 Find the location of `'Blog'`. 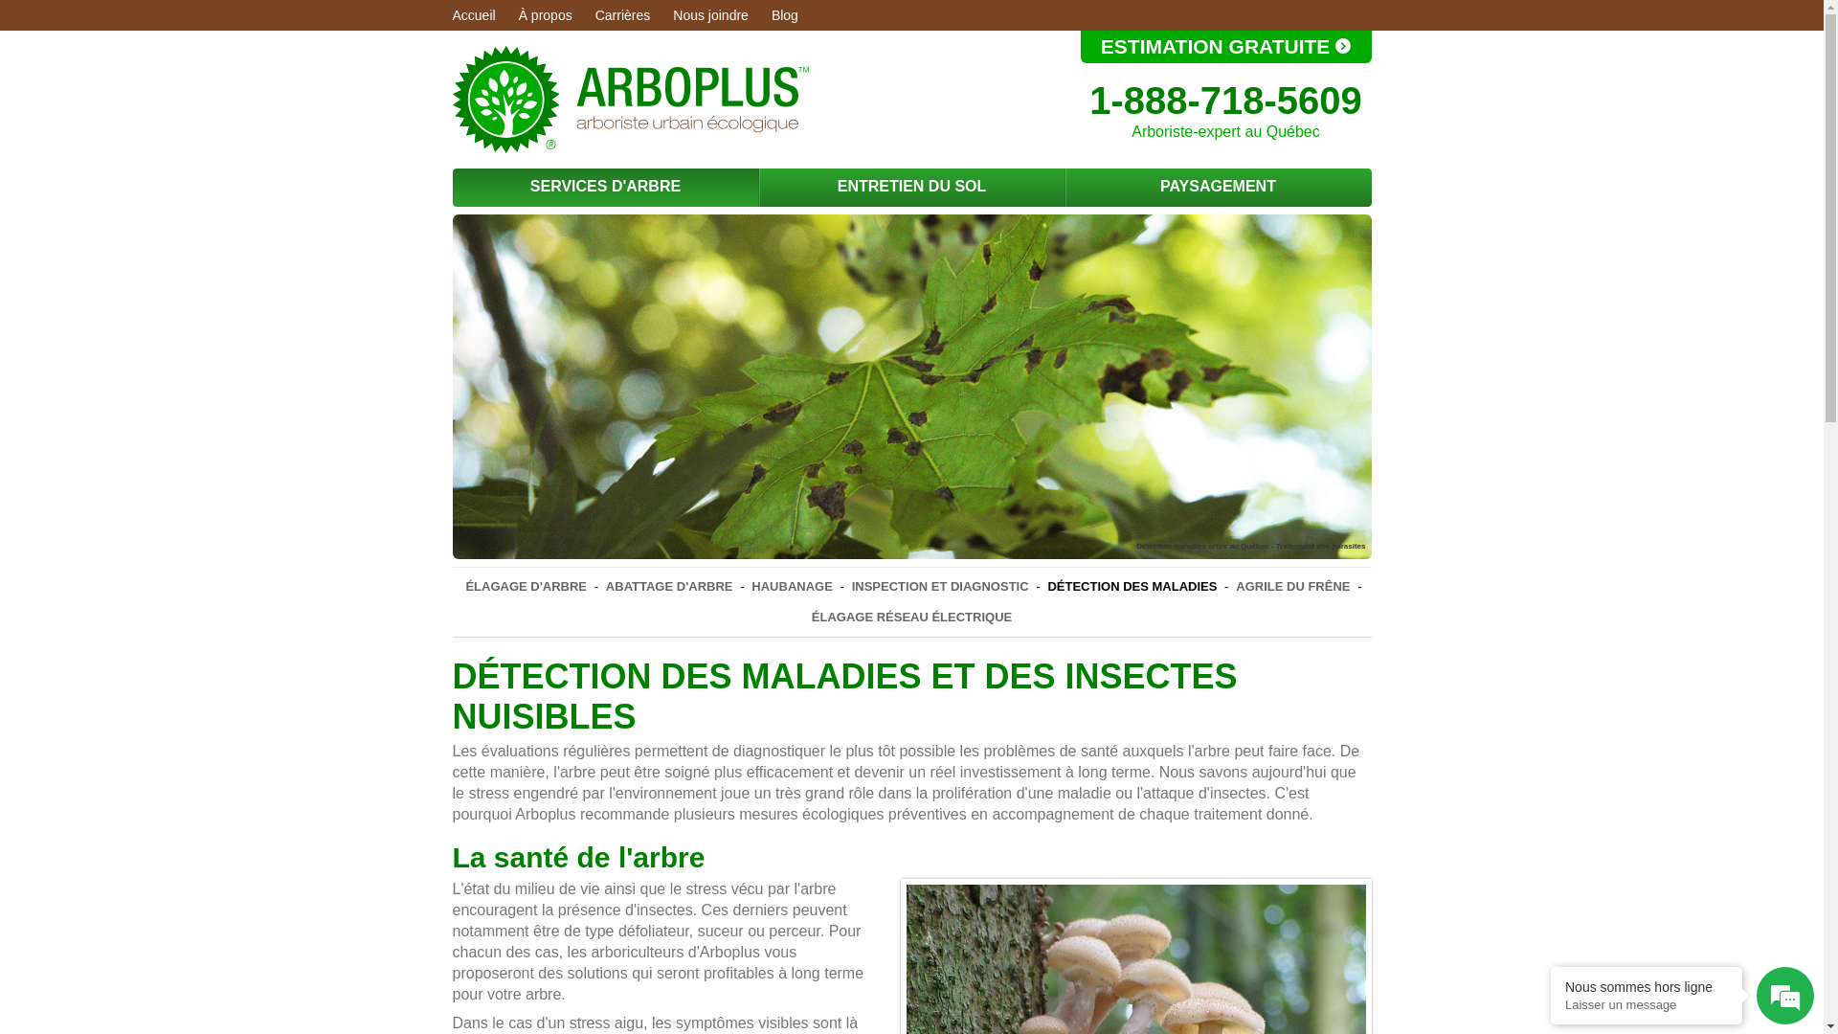

'Blog' is located at coordinates (785, 14).